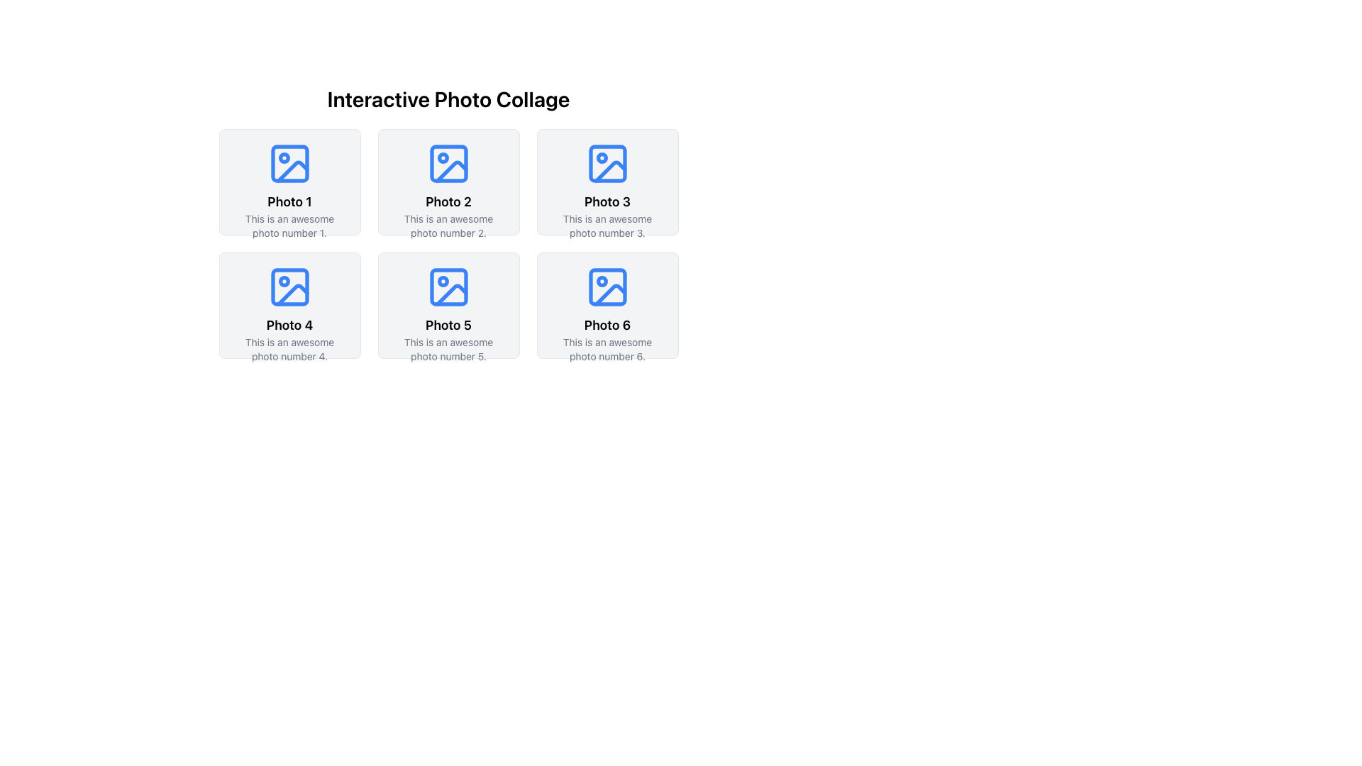  What do you see at coordinates (289, 287) in the screenshot?
I see `the rounded rectangle graphic that is part of the 'Photo 4' icon, located in the lower-left corner of the 2x3 grid layout` at bounding box center [289, 287].